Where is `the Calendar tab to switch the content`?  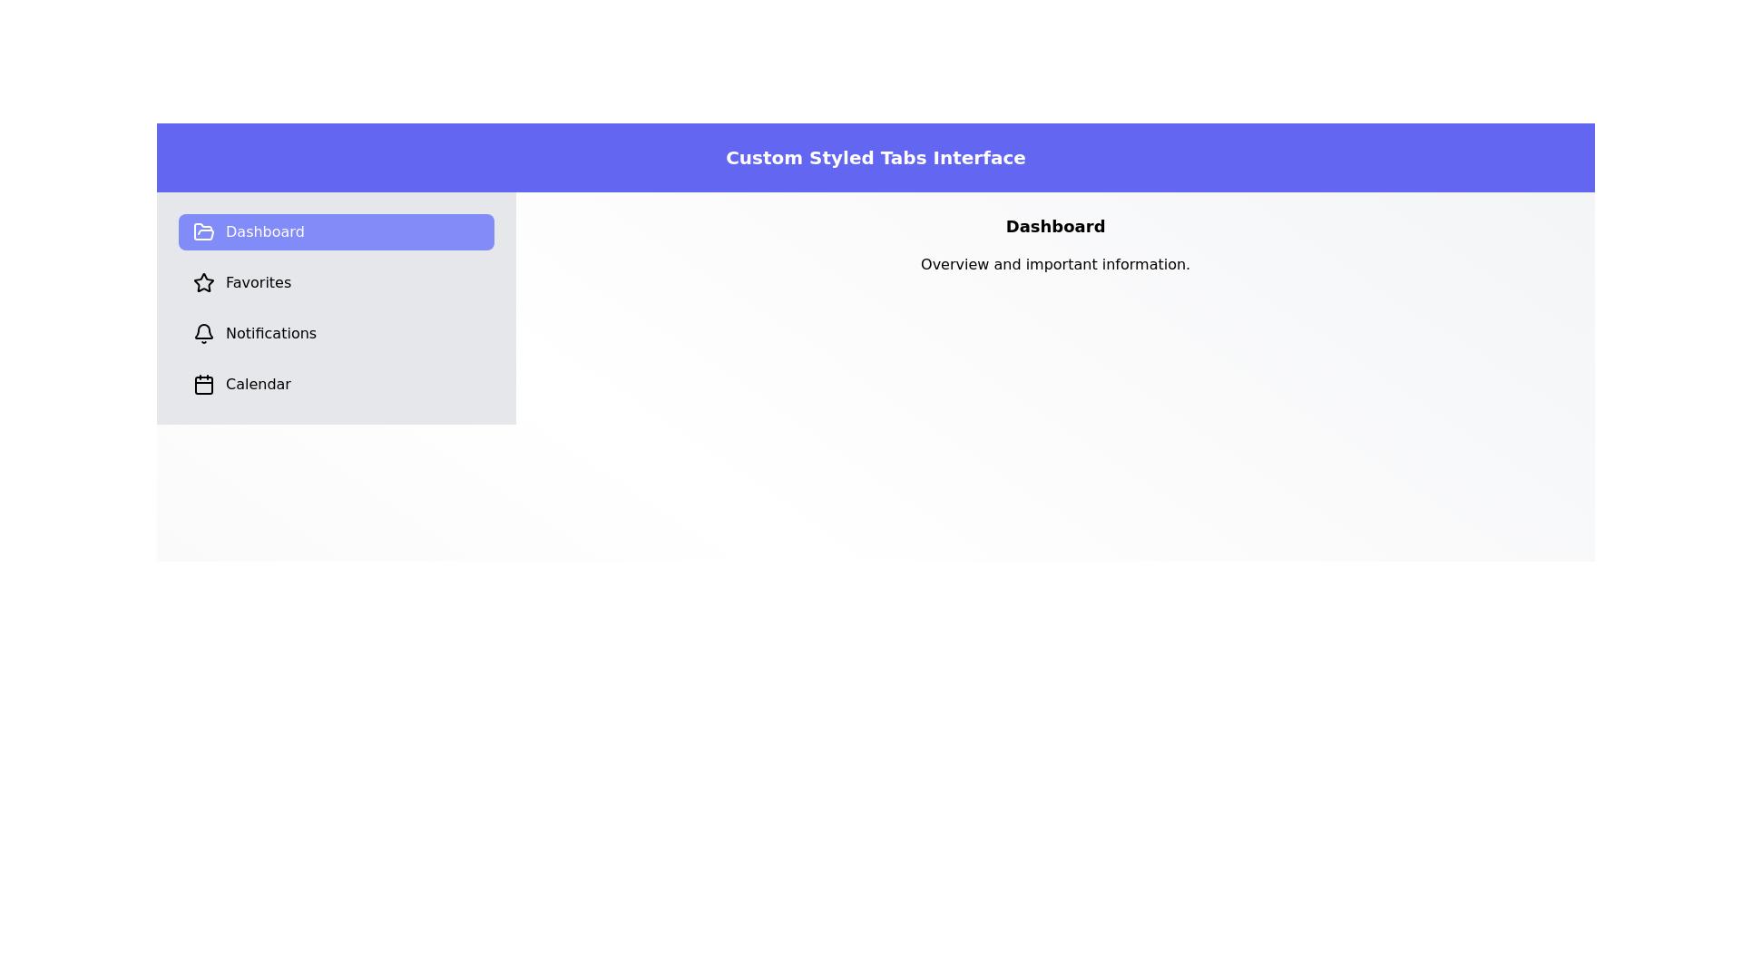
the Calendar tab to switch the content is located at coordinates (337, 384).